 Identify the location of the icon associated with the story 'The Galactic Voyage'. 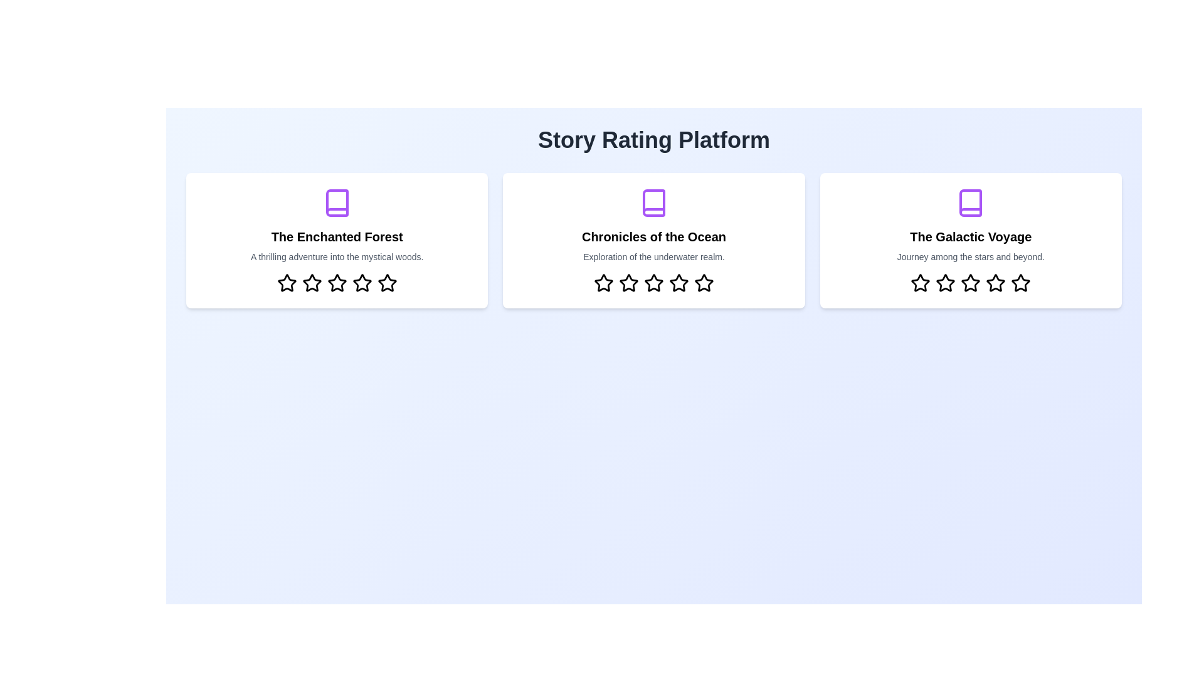
(970, 202).